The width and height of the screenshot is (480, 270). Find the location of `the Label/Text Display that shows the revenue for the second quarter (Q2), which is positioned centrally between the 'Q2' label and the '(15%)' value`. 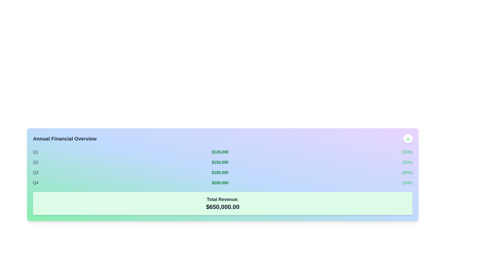

the Label/Text Display that shows the revenue for the second quarter (Q2), which is positioned centrally between the 'Q2' label and the '(15%)' value is located at coordinates (220, 162).